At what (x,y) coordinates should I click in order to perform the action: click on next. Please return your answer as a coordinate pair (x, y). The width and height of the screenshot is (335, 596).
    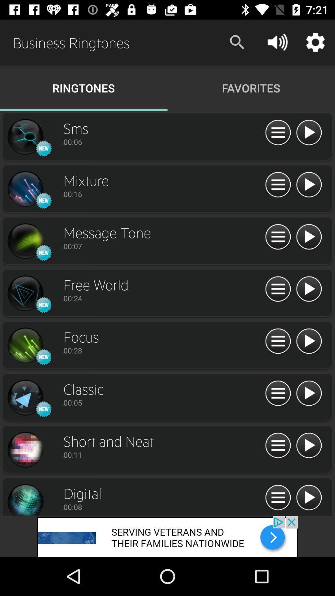
    Looking at the image, I should click on (25, 450).